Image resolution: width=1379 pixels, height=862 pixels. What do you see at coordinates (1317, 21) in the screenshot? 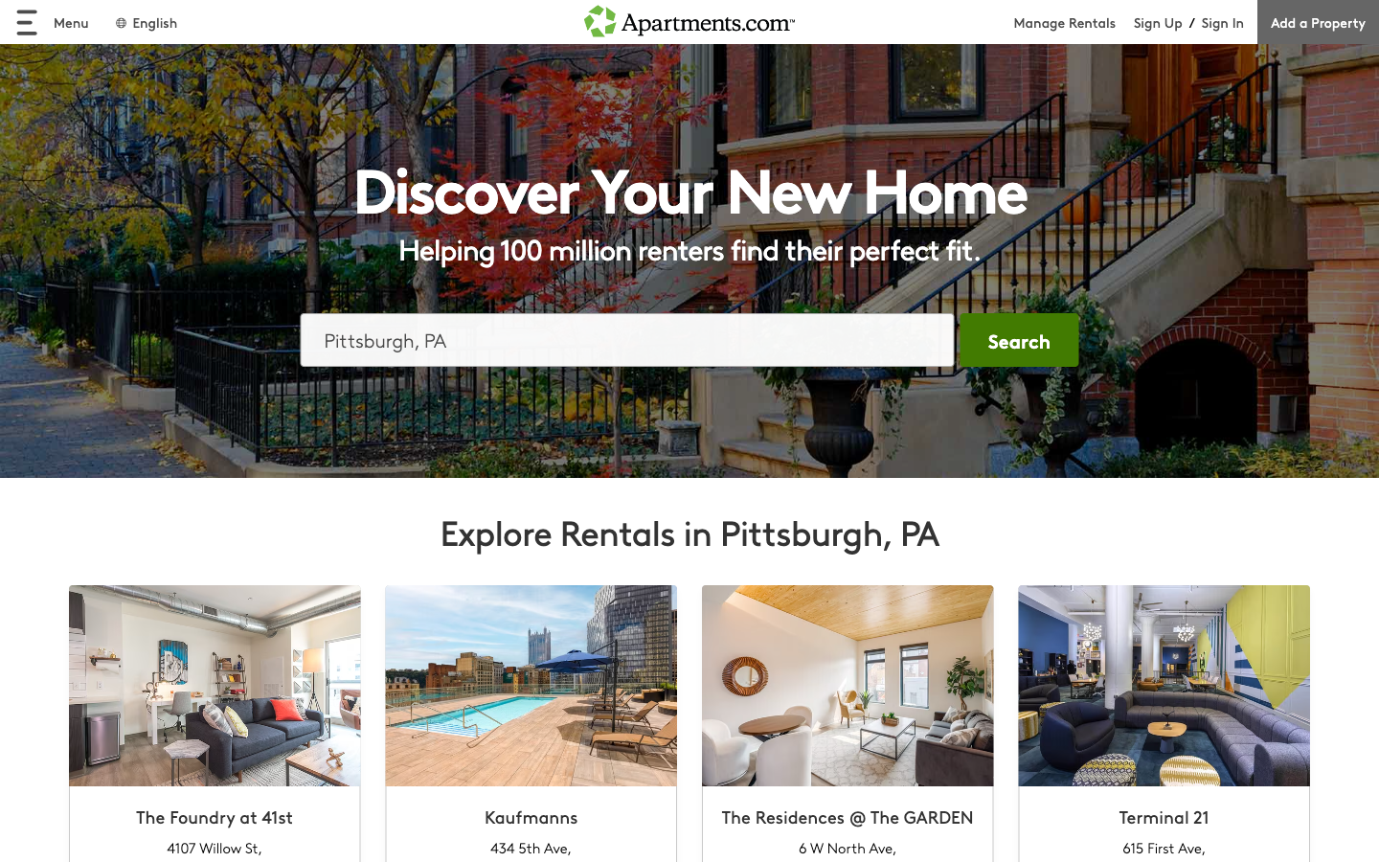
I see `the process to add a new property` at bounding box center [1317, 21].